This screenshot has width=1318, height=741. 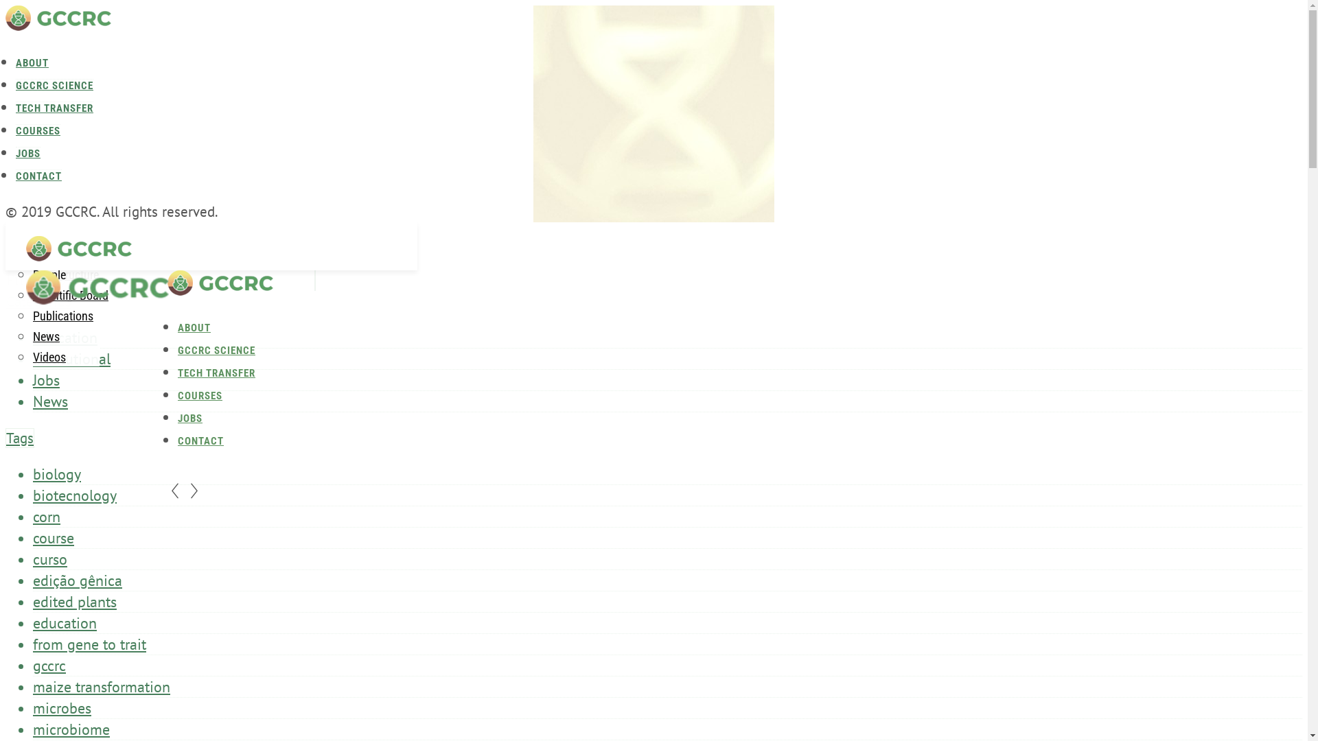 What do you see at coordinates (46, 516) in the screenshot?
I see `'corn'` at bounding box center [46, 516].